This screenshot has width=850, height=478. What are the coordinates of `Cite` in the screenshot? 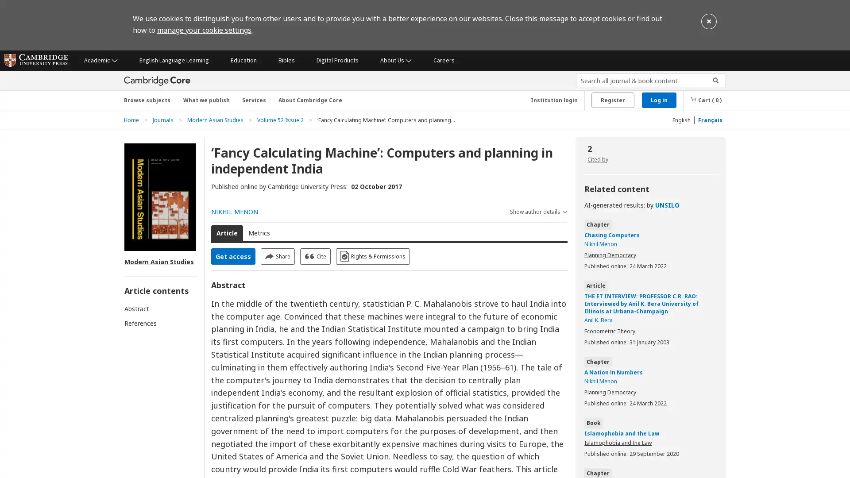 It's located at (315, 256).